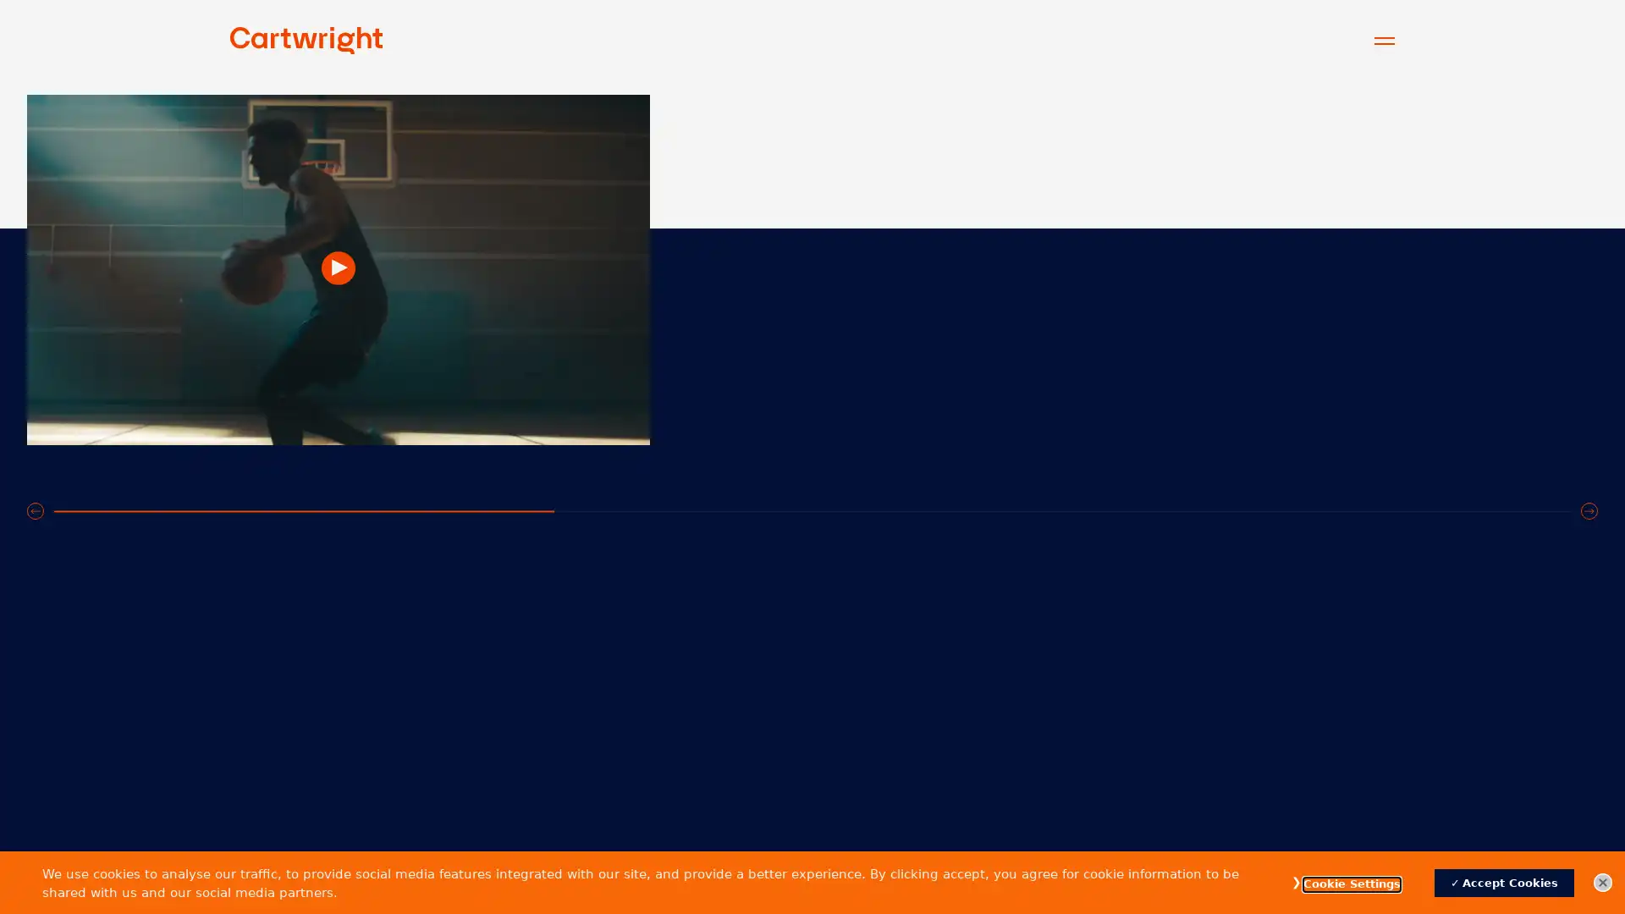 Image resolution: width=1625 pixels, height=914 pixels. What do you see at coordinates (36, 814) in the screenshot?
I see `Previous slides` at bounding box center [36, 814].